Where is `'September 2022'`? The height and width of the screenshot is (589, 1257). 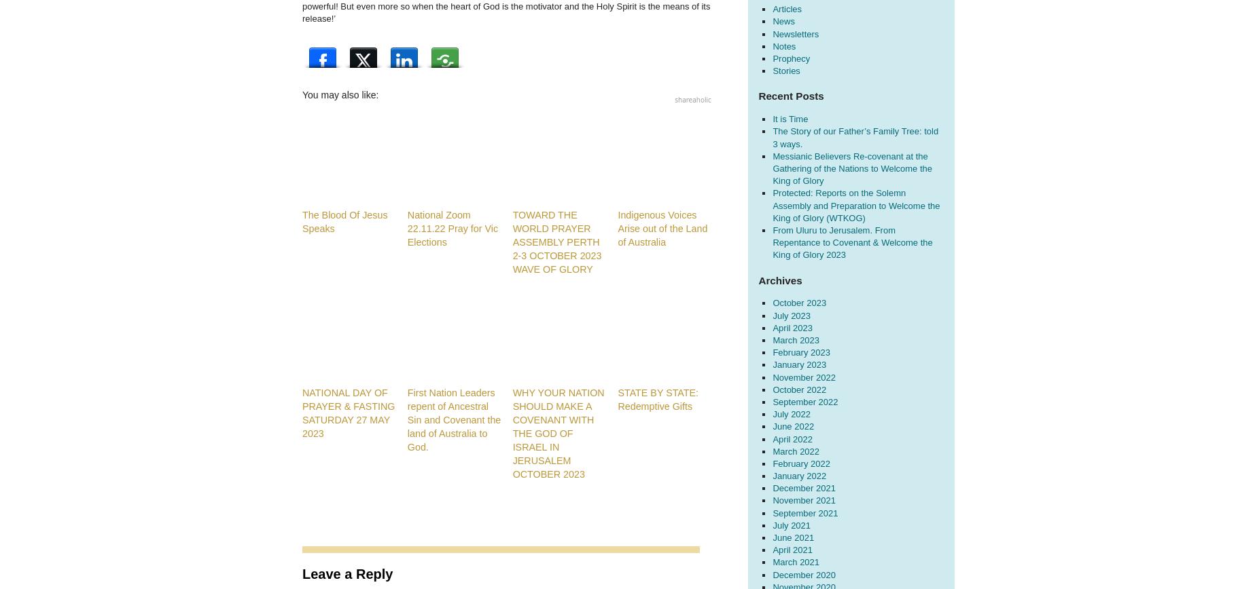 'September 2022' is located at coordinates (804, 401).